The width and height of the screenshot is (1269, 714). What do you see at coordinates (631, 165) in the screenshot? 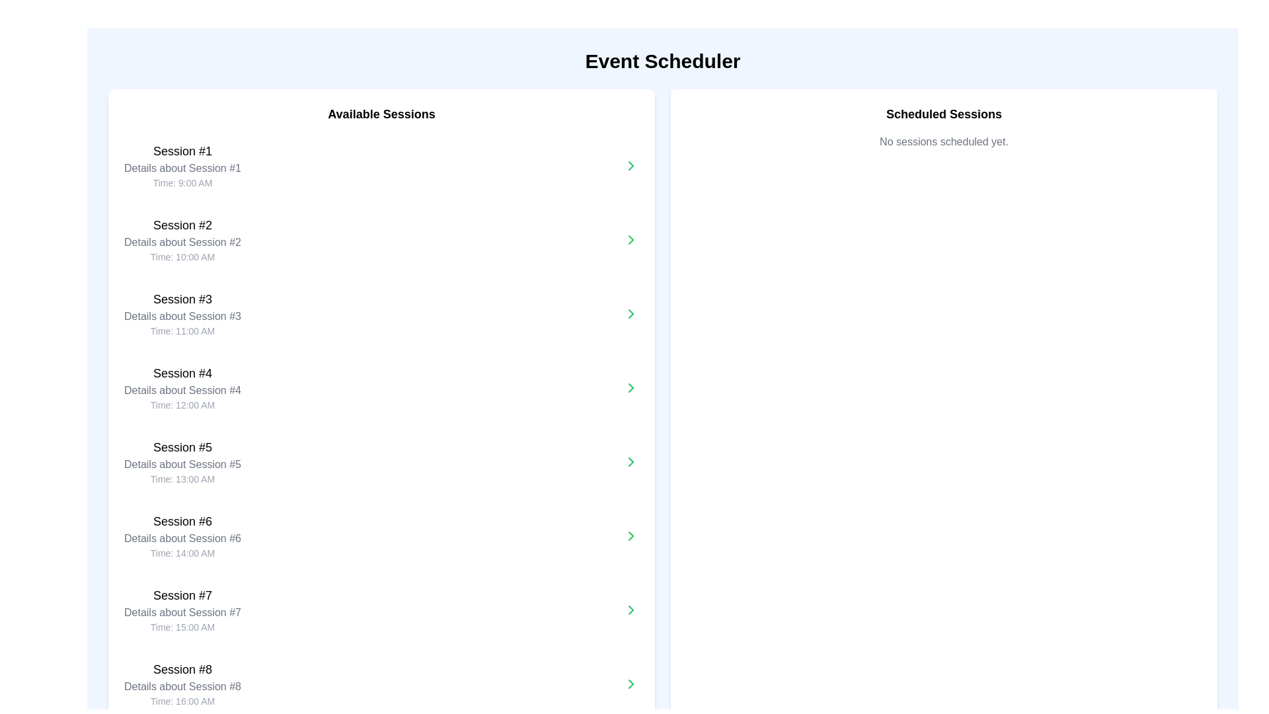
I see `the second chevron icon` at bounding box center [631, 165].